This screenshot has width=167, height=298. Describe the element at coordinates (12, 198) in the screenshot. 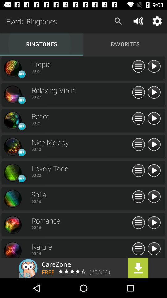

I see `song design symbol` at that location.